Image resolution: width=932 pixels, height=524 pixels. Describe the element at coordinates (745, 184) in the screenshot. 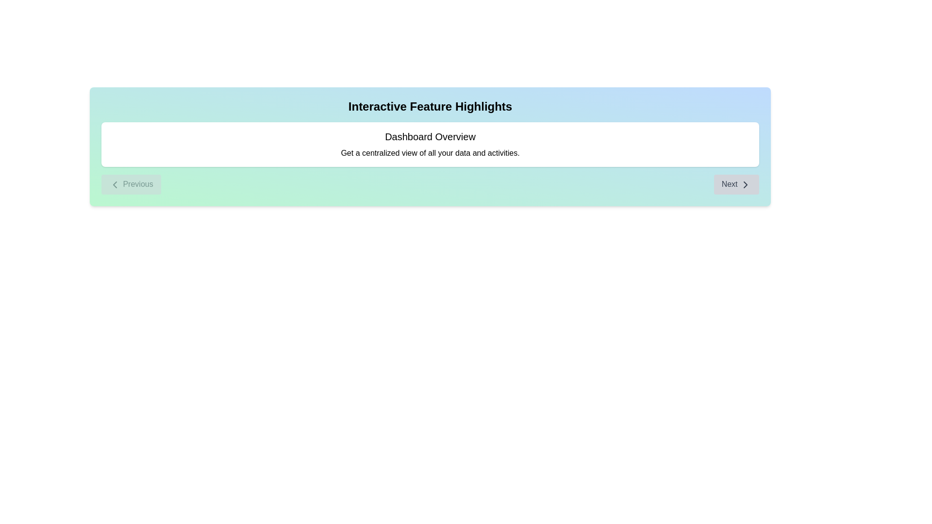

I see `the icon located within the 'Next' button at the bottom-right corner of the interface, which visually reinforces the function of progressing to the next step or page` at that location.